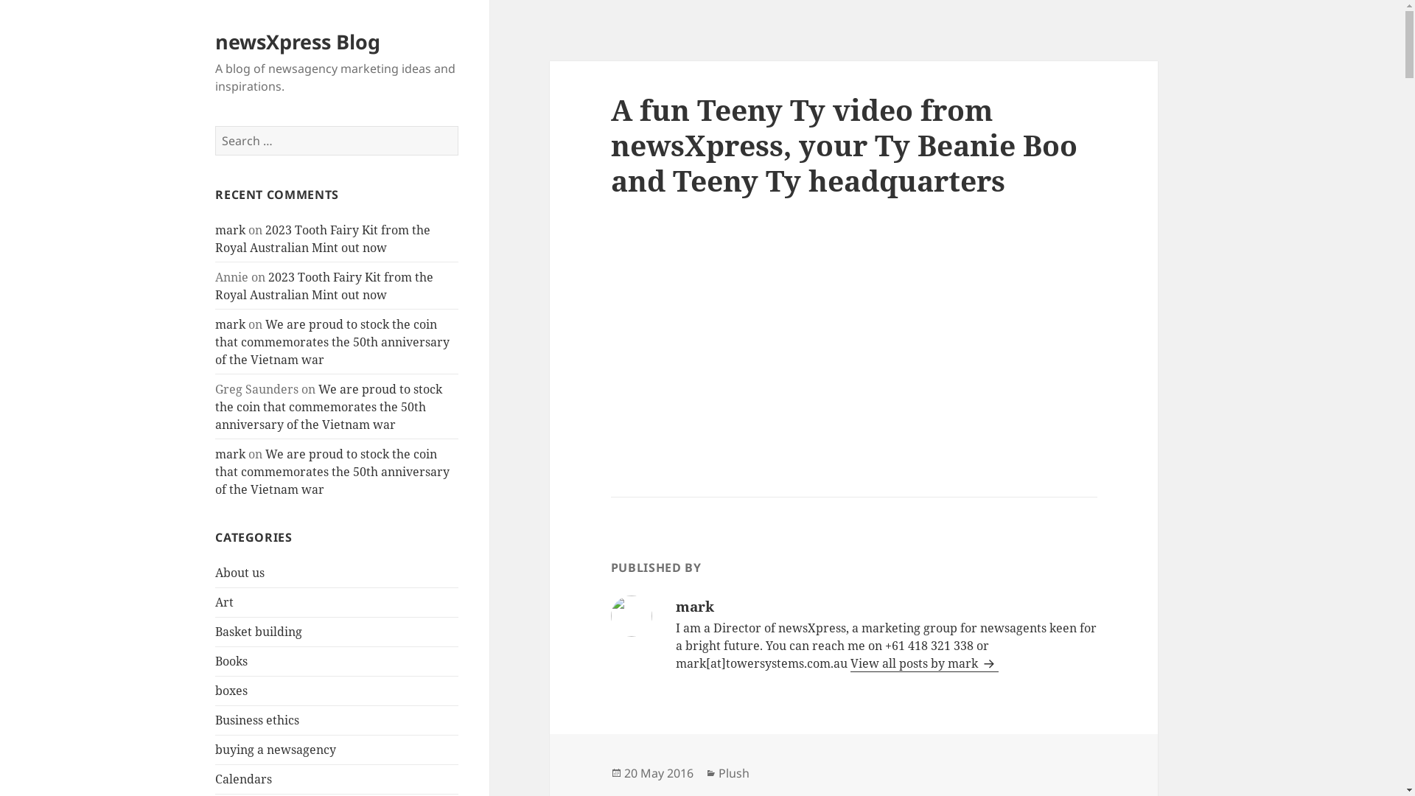 The width and height of the screenshot is (1415, 796). Describe the element at coordinates (230, 660) in the screenshot. I see `'Books'` at that location.